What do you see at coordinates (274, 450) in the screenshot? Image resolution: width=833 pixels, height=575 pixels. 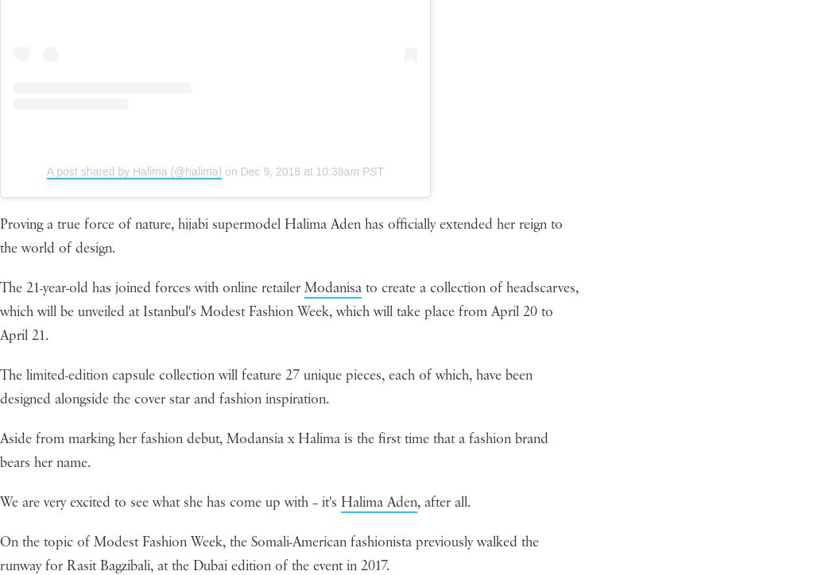 I see `'Aside from marking her fashion debut, Modansia x Halima is the first time that a fashion brand bears her name.'` at bounding box center [274, 450].